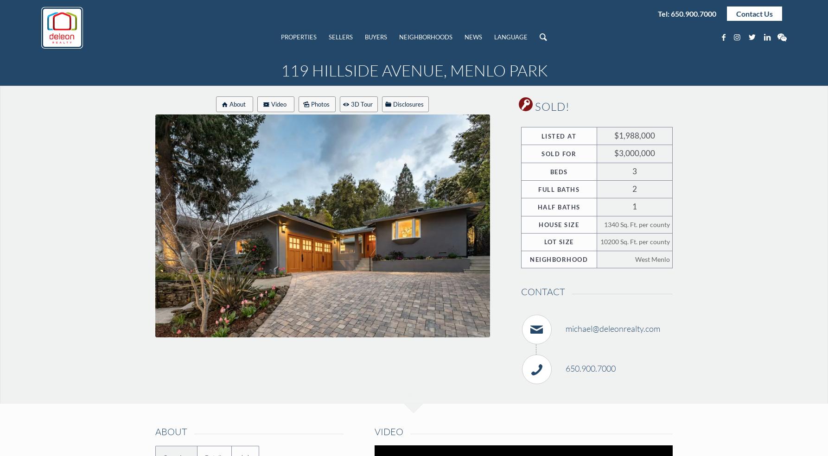  I want to click on 'Lot Size', so click(559, 241).